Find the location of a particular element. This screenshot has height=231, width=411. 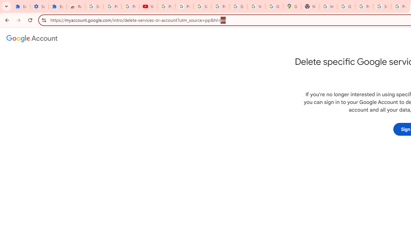

'Google Maps' is located at coordinates (292, 6).